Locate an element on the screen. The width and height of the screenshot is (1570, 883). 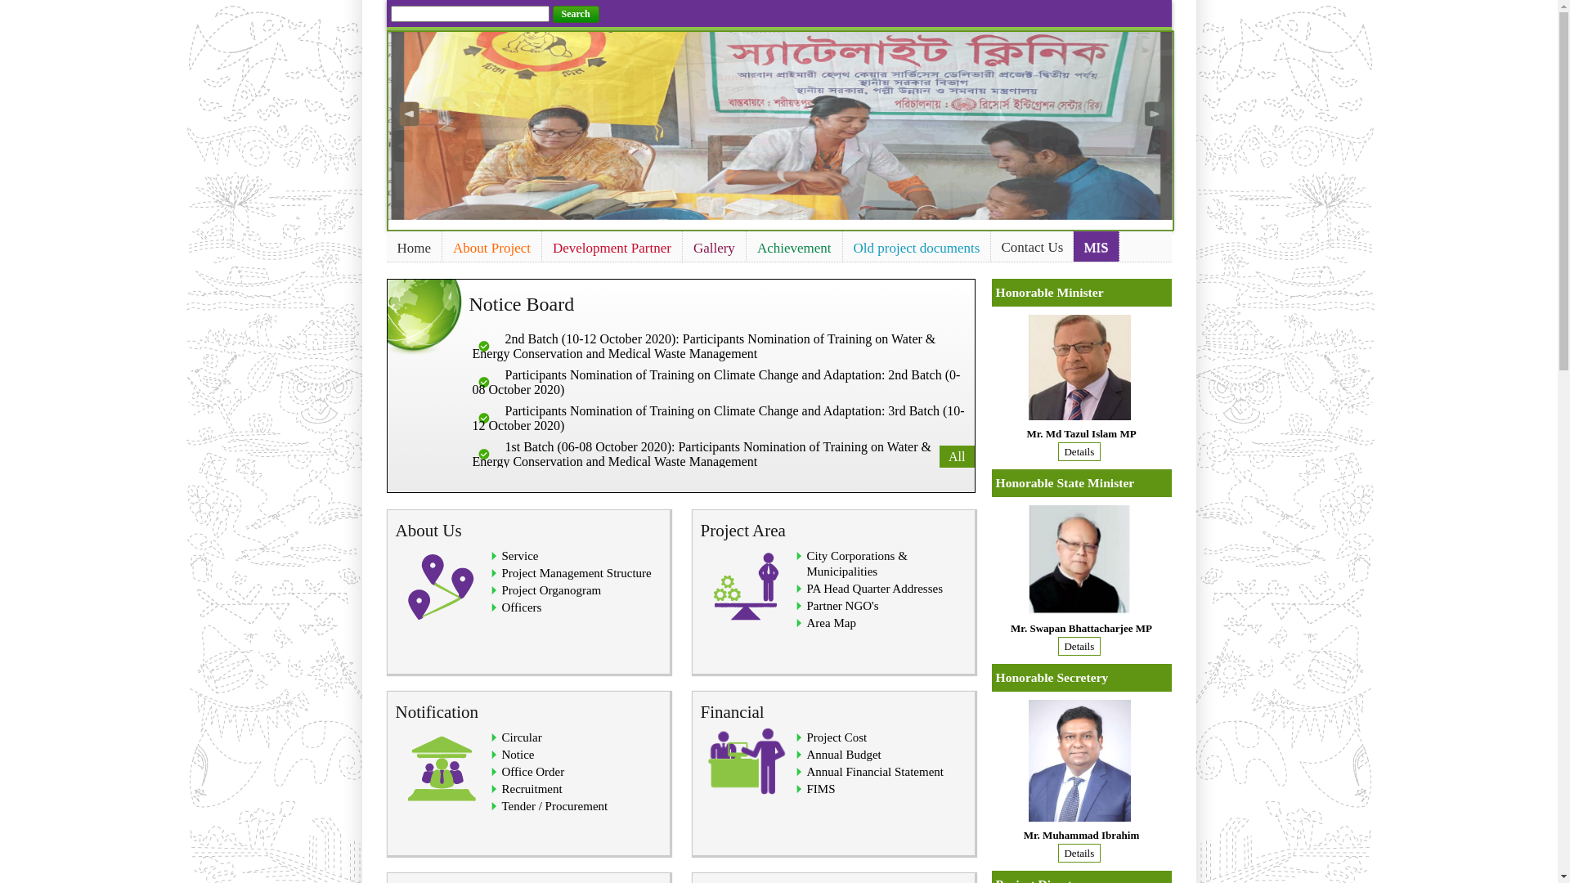
'Office Order' is located at coordinates (533, 772).